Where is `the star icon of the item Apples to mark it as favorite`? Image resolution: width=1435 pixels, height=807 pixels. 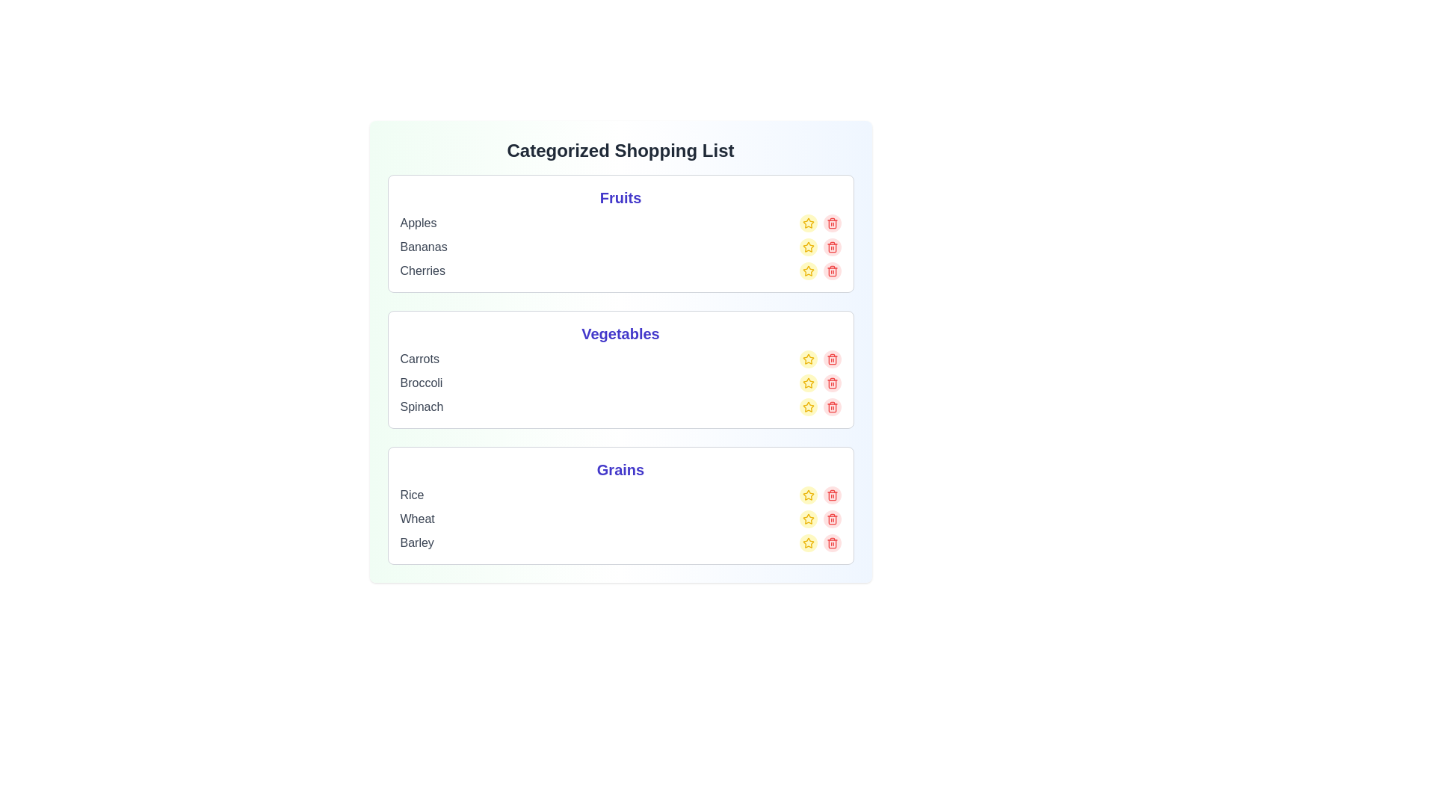
the star icon of the item Apples to mark it as favorite is located at coordinates (807, 223).